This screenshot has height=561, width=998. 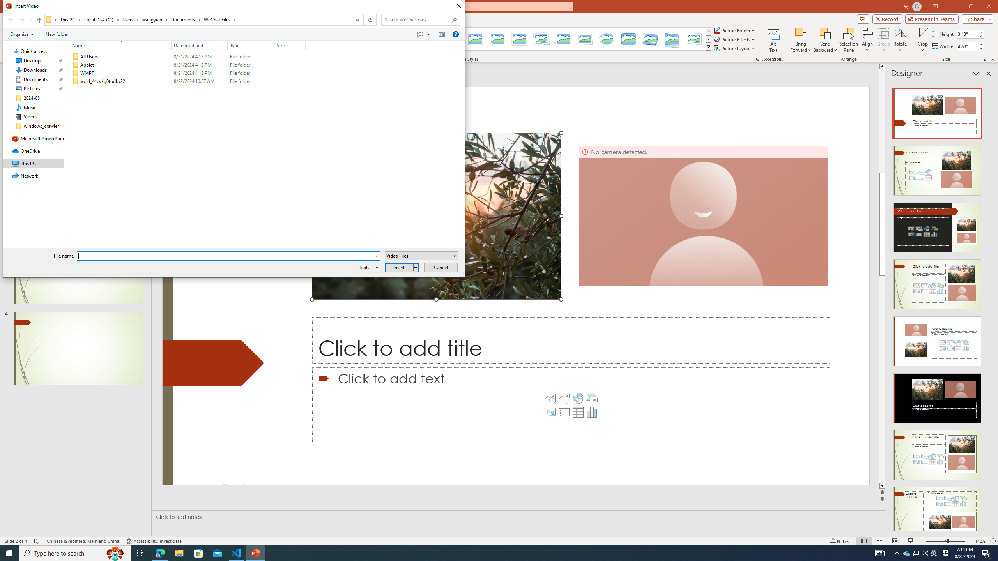 What do you see at coordinates (550, 412) in the screenshot?
I see `'Insert Cameo'` at bounding box center [550, 412].